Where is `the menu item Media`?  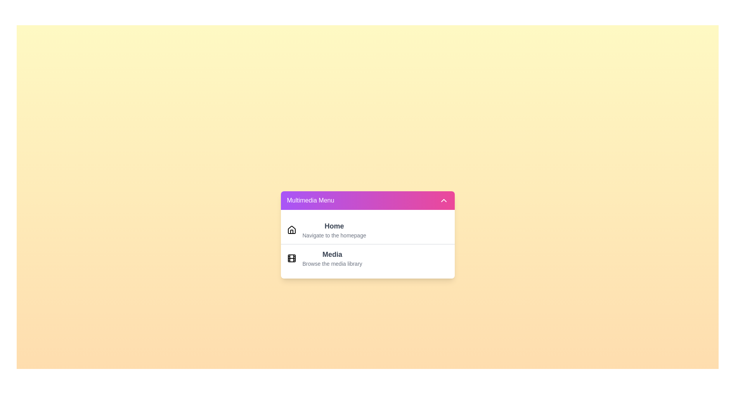
the menu item Media is located at coordinates (332, 258).